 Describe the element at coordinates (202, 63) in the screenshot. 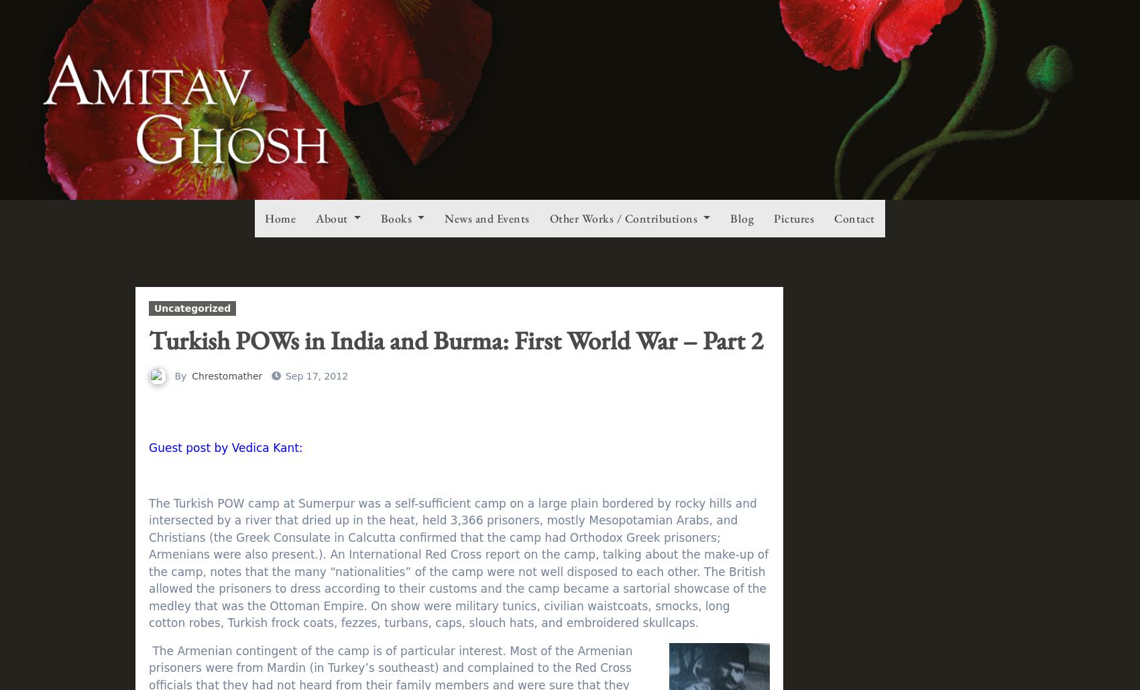

I see `'It'` at that location.